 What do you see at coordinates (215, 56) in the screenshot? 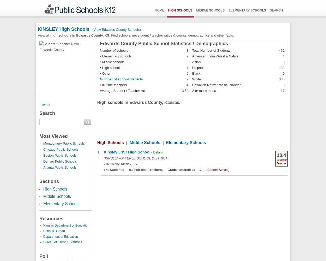
I see `'American Indian/Alaska Native'` at bounding box center [215, 56].